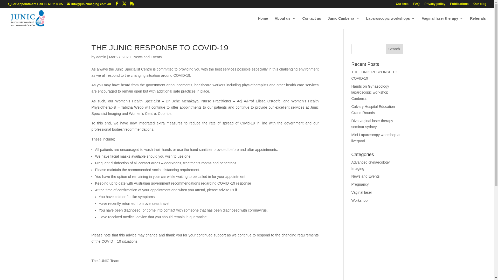 The height and width of the screenshot is (280, 498). Describe the element at coordinates (374, 75) in the screenshot. I see `'THE JUNIC RESPONSE TO COVID-19'` at that location.